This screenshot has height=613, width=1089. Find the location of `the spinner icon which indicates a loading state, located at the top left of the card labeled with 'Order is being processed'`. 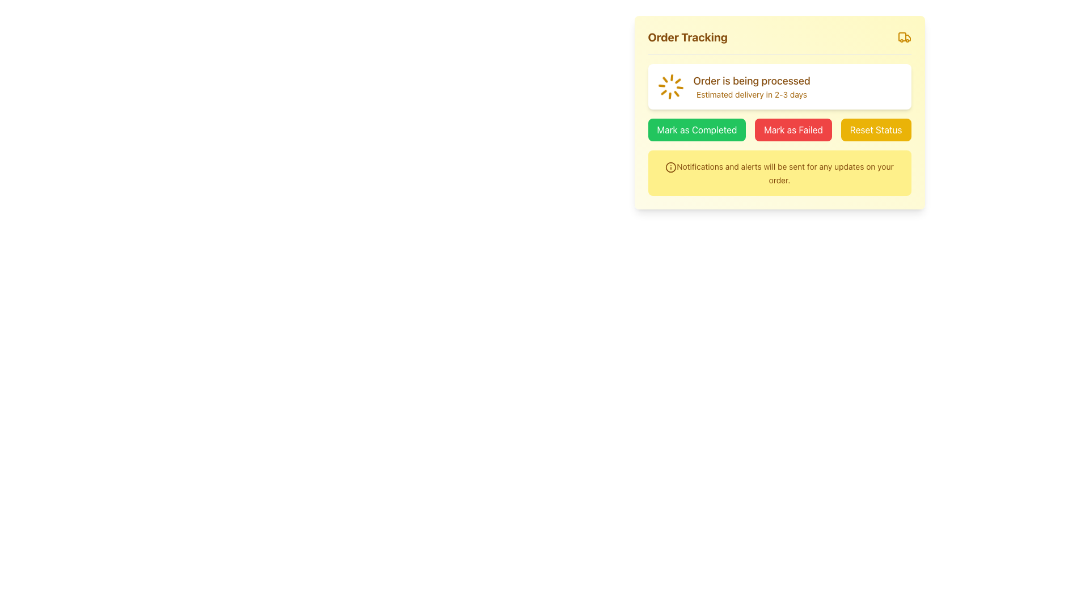

the spinner icon which indicates a loading state, located at the top left of the card labeled with 'Order is being processed' is located at coordinates (670, 86).